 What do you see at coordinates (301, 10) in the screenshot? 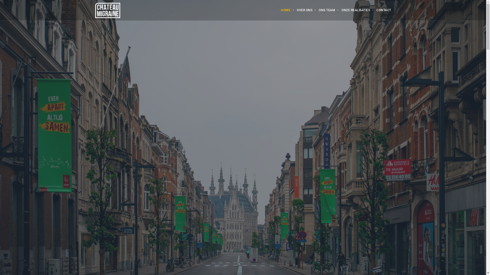
I see `'OVER ONS'` at bounding box center [301, 10].